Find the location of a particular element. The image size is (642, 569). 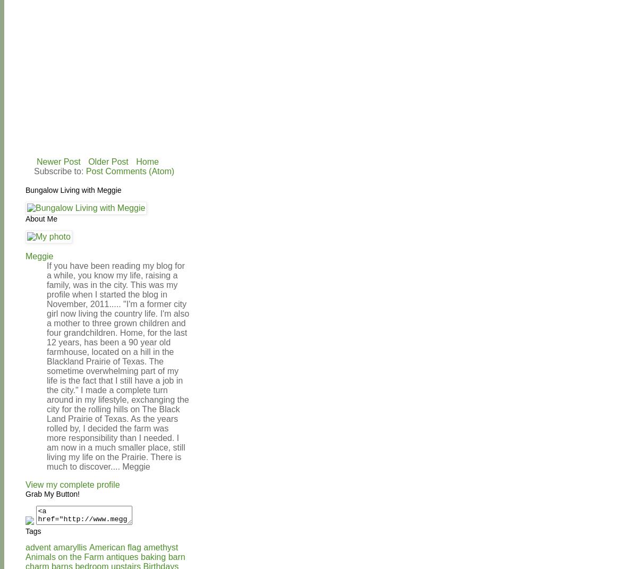

'Subscribe to:' is located at coordinates (33, 170).